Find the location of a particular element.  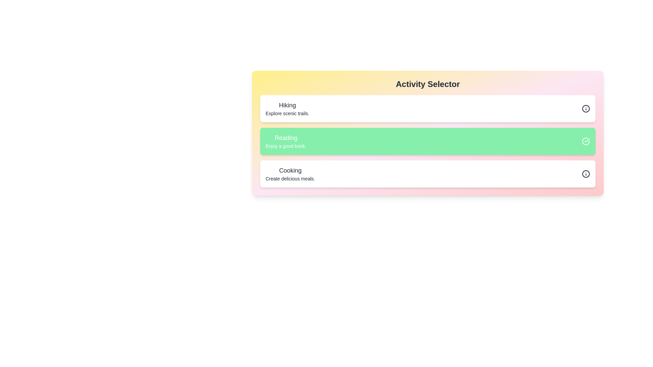

the list item corresponding to Reading is located at coordinates (427, 141).